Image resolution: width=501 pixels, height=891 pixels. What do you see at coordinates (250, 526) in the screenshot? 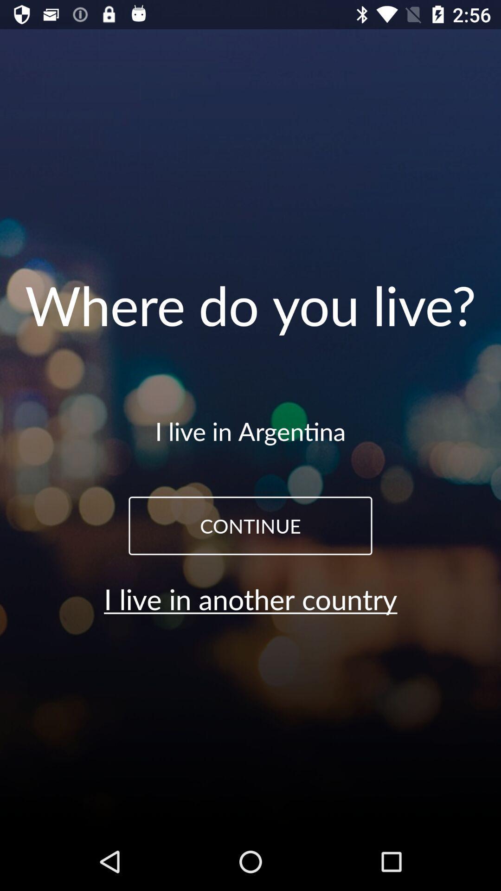
I see `the continue item` at bounding box center [250, 526].